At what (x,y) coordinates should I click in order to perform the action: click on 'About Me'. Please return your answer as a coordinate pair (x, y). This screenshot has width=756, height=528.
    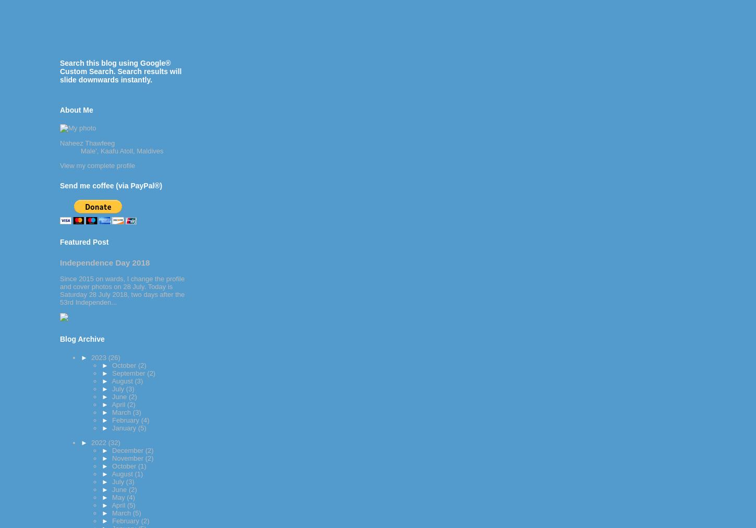
    Looking at the image, I should click on (59, 109).